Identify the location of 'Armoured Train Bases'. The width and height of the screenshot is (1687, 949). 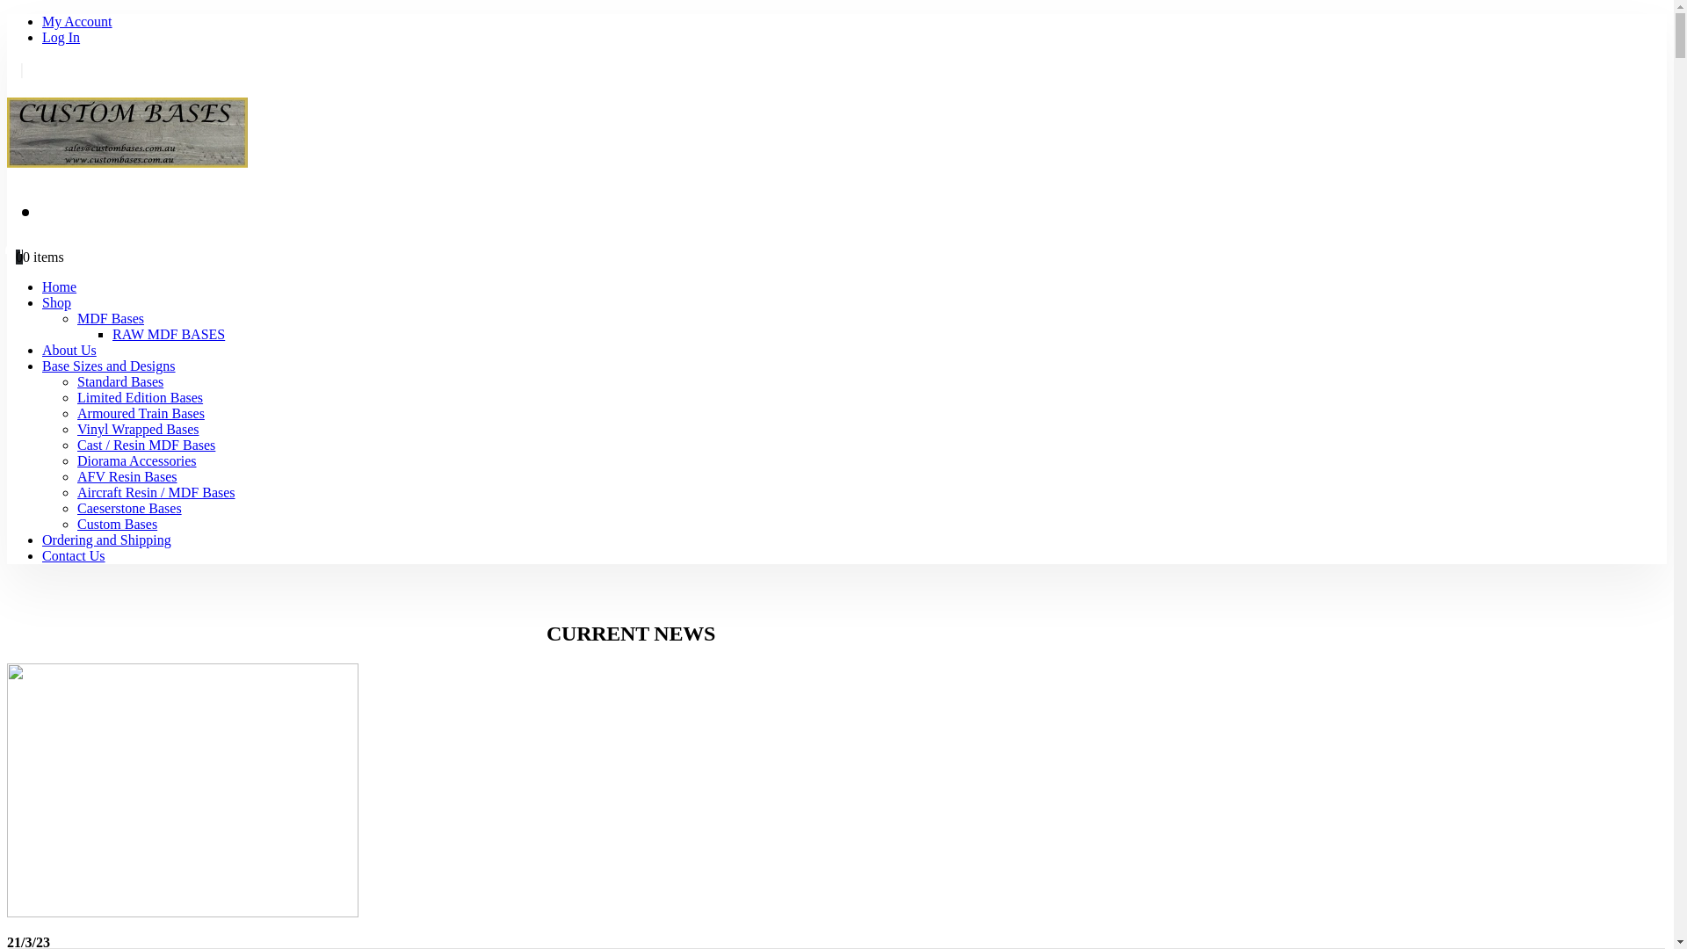
(76, 413).